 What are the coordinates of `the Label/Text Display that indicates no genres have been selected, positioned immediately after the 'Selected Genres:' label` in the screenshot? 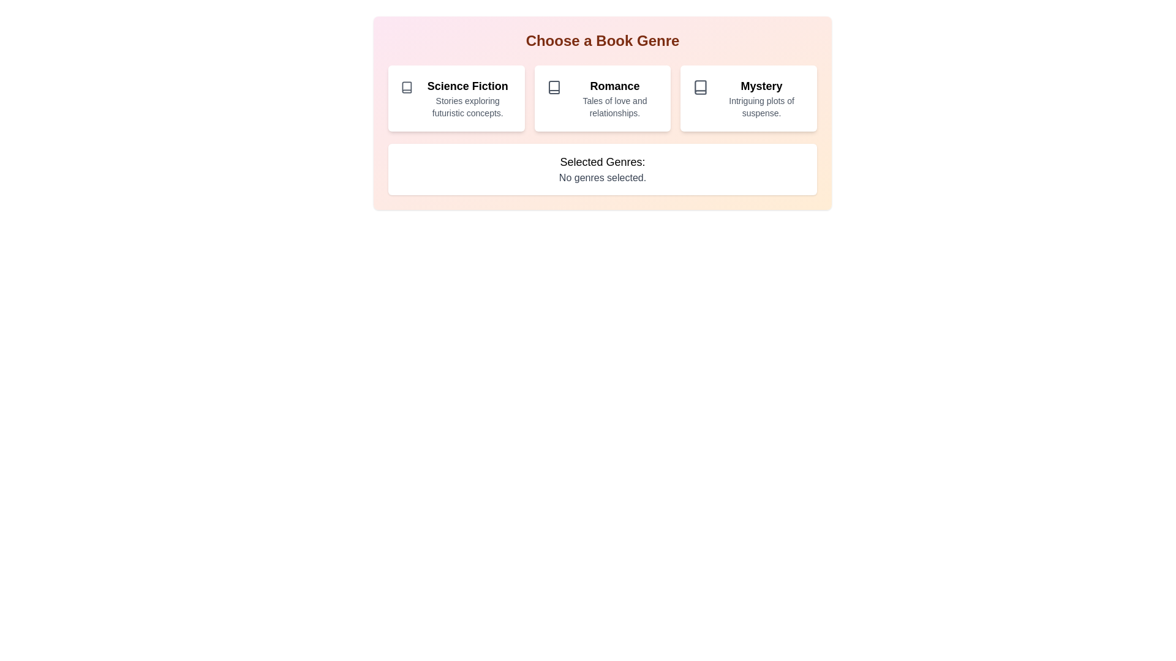 It's located at (602, 177).